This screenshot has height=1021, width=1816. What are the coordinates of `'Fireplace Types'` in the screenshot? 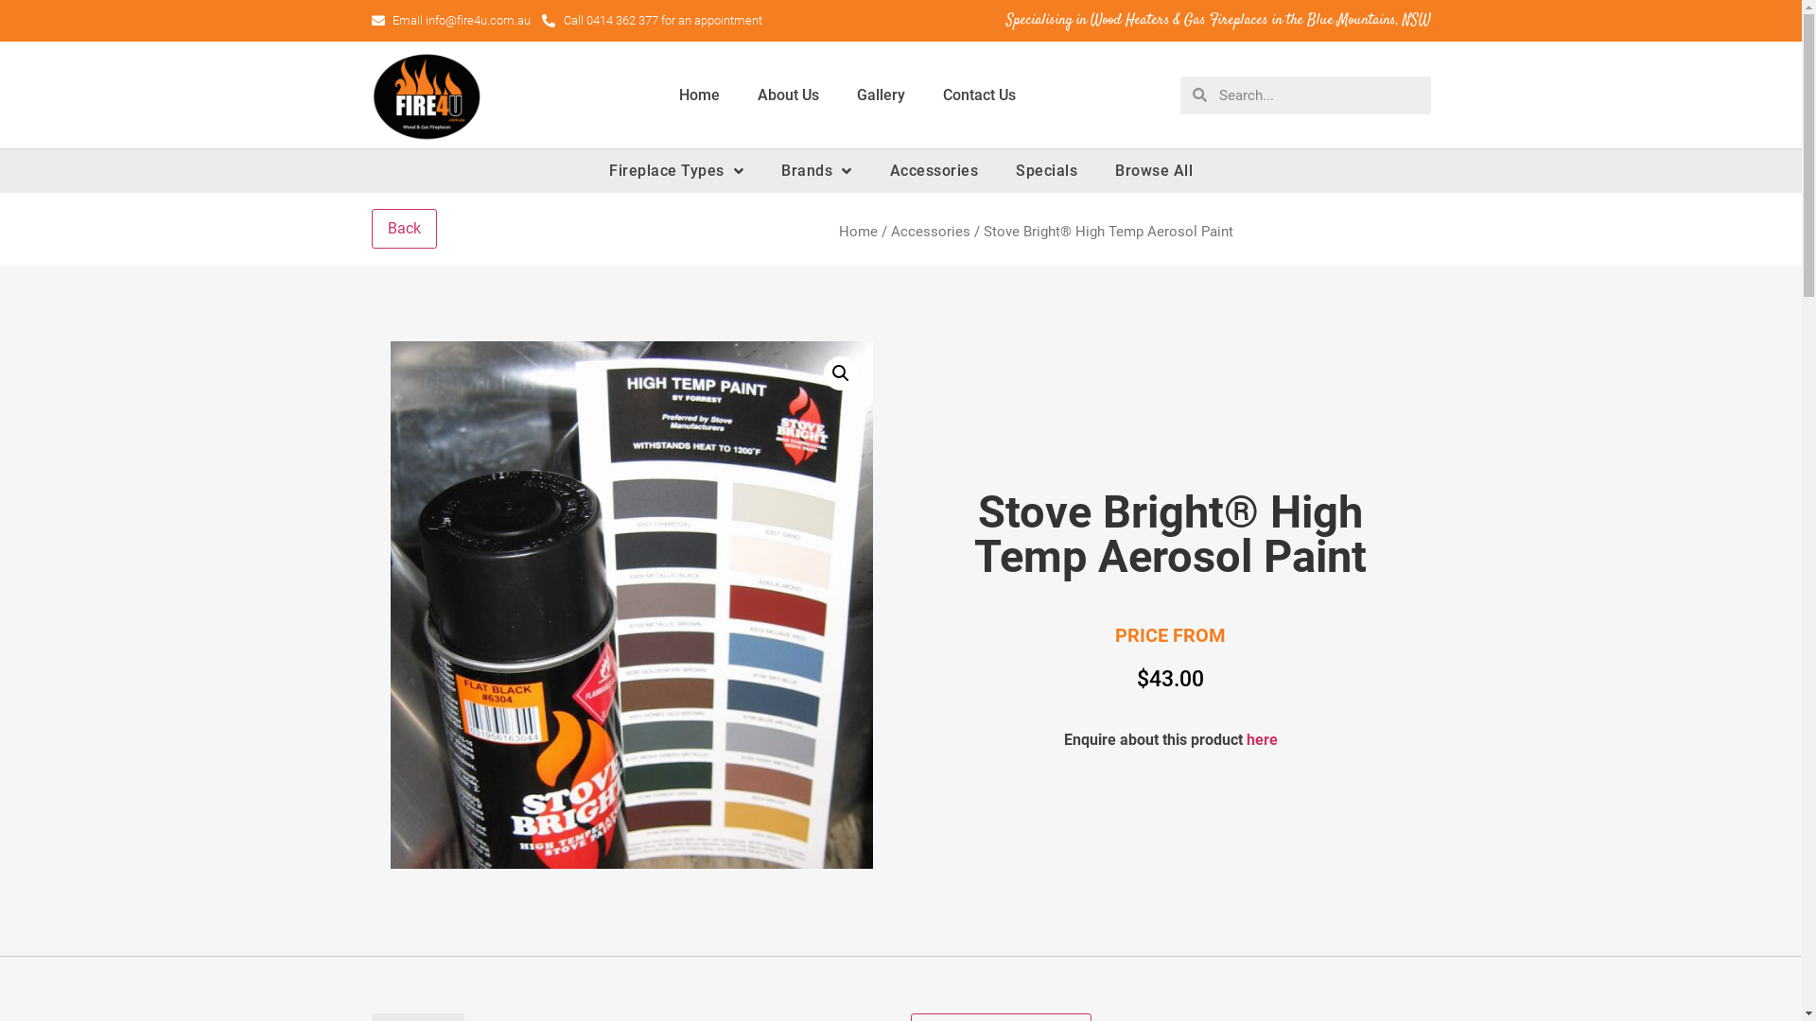 It's located at (676, 171).